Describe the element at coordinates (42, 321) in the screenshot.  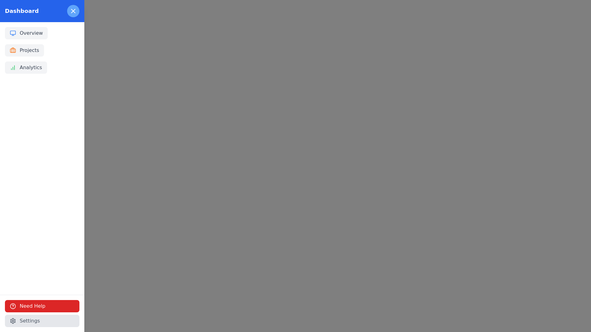
I see `the settings button located at the bottom of the left navigation panel, below the 'Need Help' button` at that location.